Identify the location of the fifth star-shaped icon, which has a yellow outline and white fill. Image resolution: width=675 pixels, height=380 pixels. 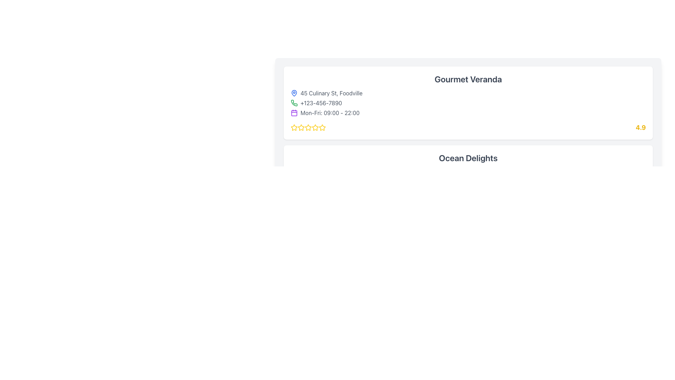
(322, 127).